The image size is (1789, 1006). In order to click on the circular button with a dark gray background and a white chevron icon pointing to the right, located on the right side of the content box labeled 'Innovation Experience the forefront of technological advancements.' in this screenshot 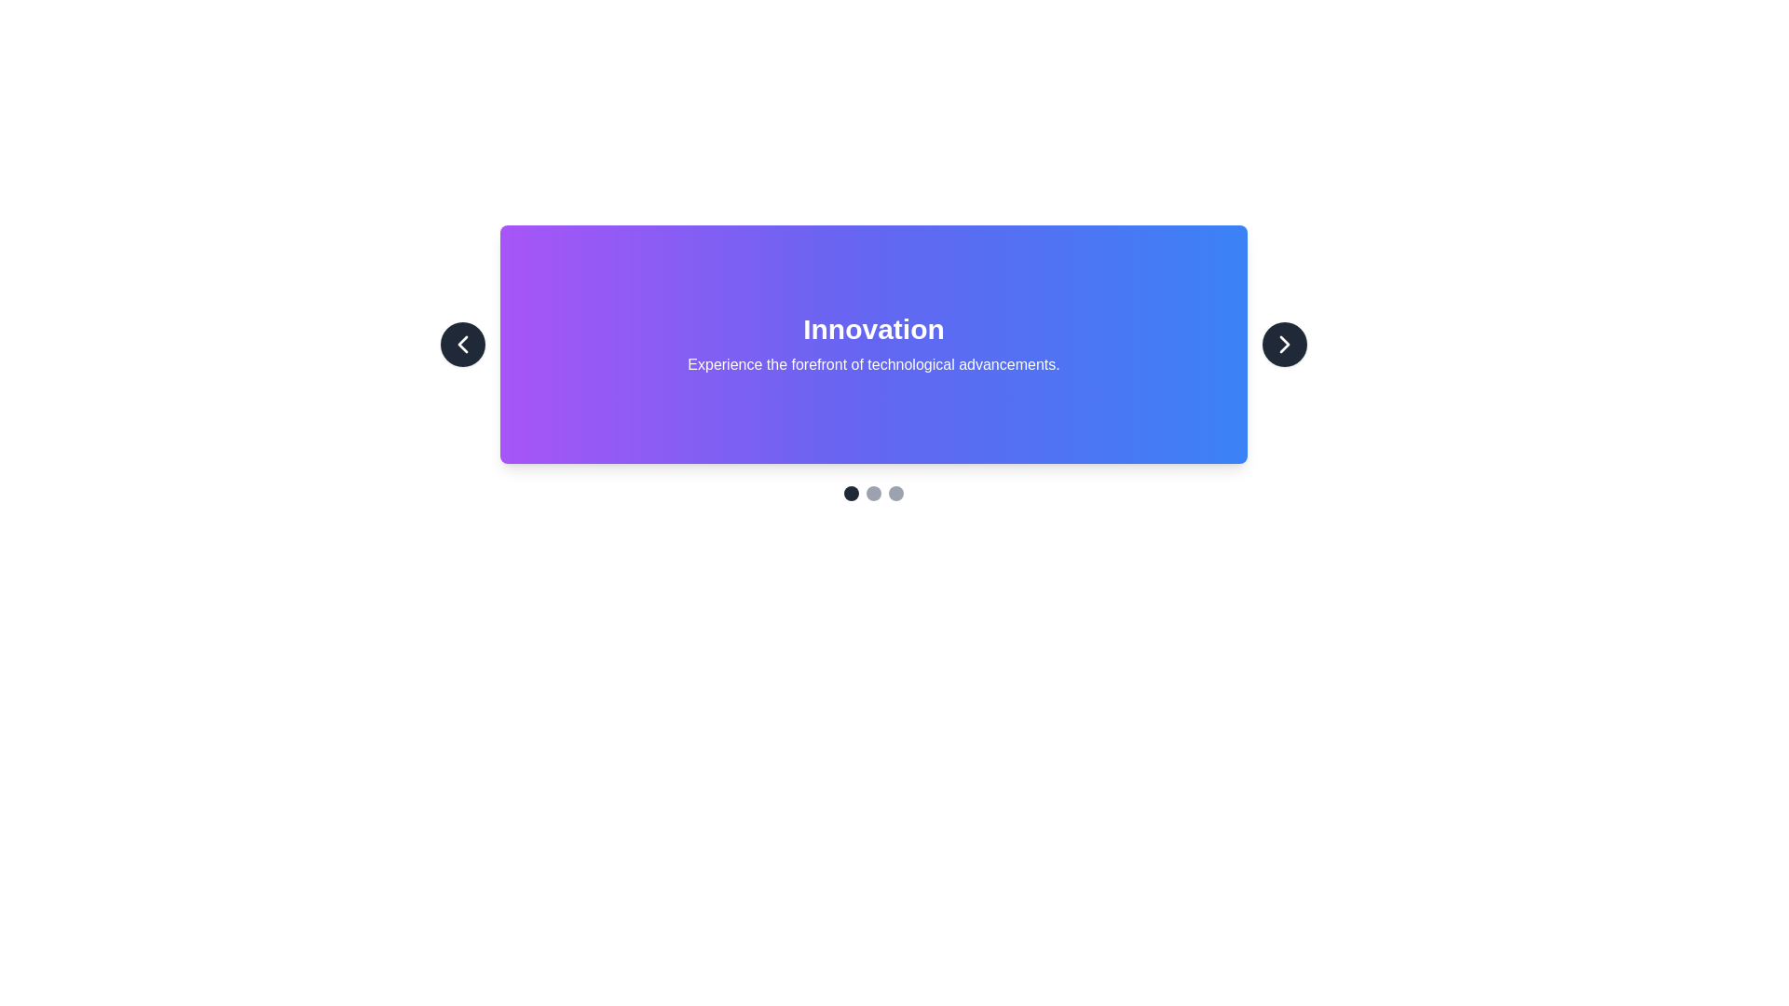, I will do `click(1283, 345)`.